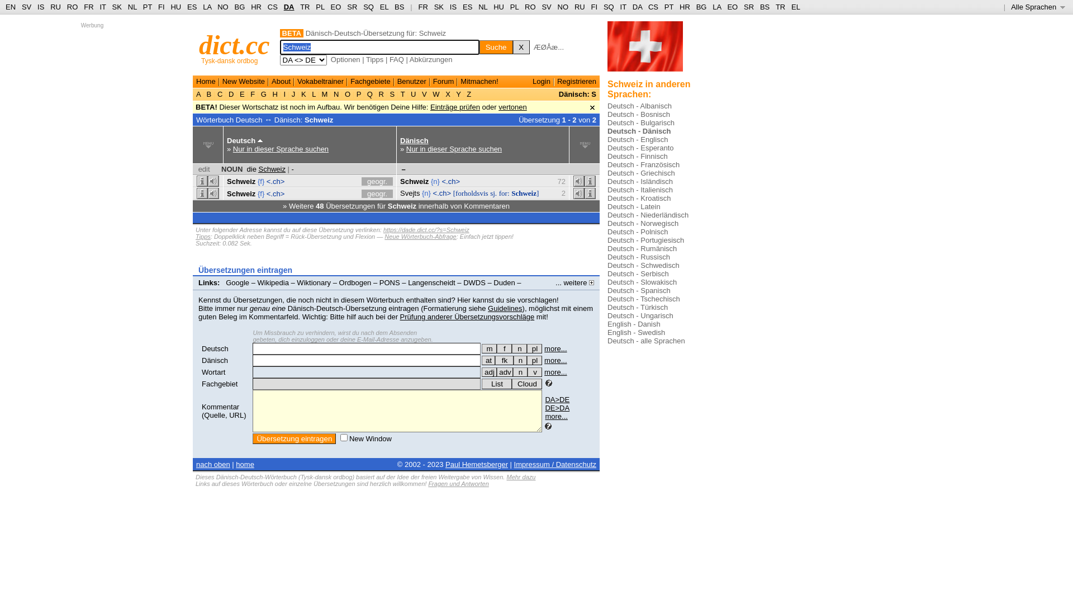  I want to click on 'Paul Hemetsberger', so click(444, 464).